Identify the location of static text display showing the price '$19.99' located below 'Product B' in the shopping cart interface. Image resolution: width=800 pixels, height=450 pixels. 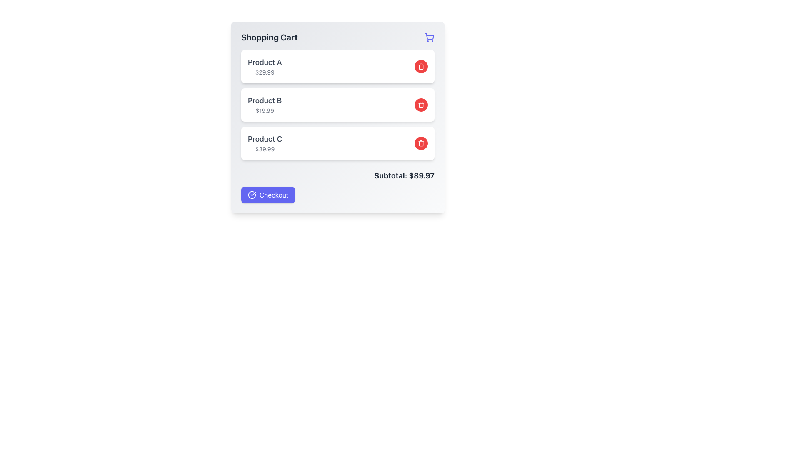
(264, 110).